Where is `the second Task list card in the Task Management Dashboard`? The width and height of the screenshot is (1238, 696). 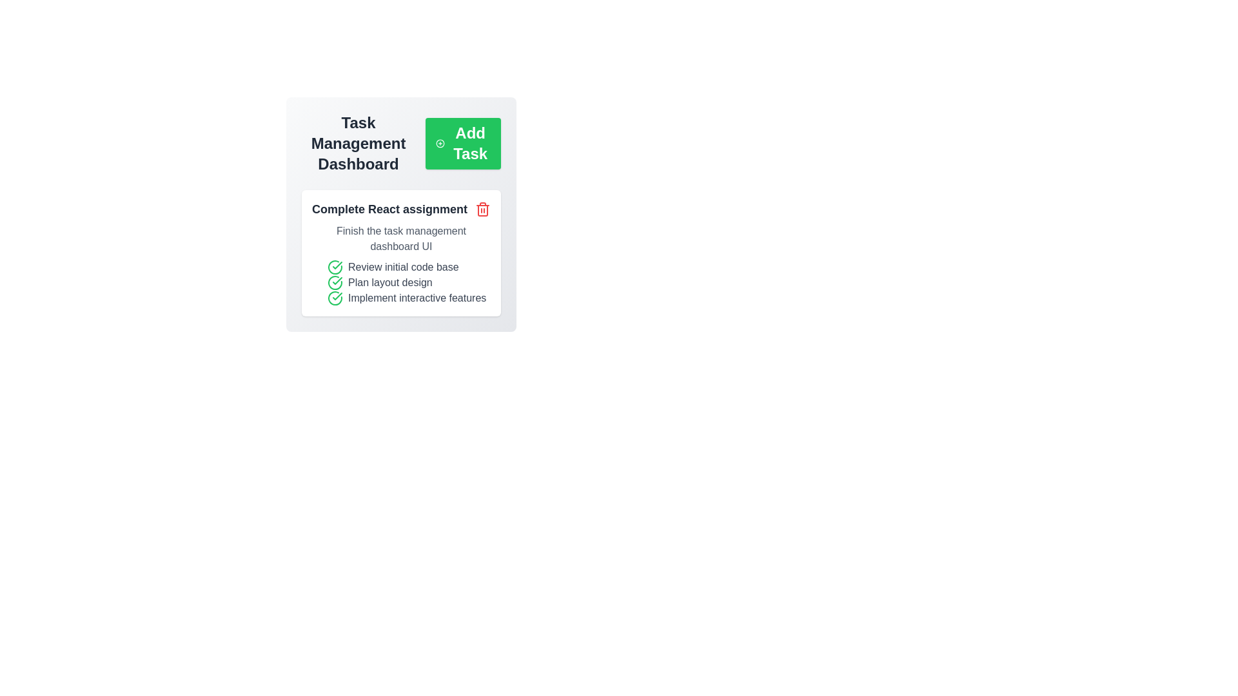 the second Task list card in the Task Management Dashboard is located at coordinates (400, 253).